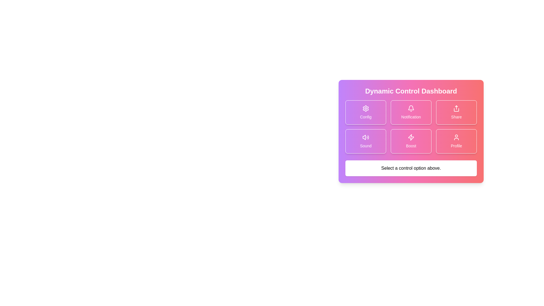 This screenshot has width=544, height=306. What do you see at coordinates (364, 137) in the screenshot?
I see `the sound control icon, which is a small vector graphic depicting a speaker located in the lower-left grid cell of a 3x2 grid in the control dashboard` at bounding box center [364, 137].